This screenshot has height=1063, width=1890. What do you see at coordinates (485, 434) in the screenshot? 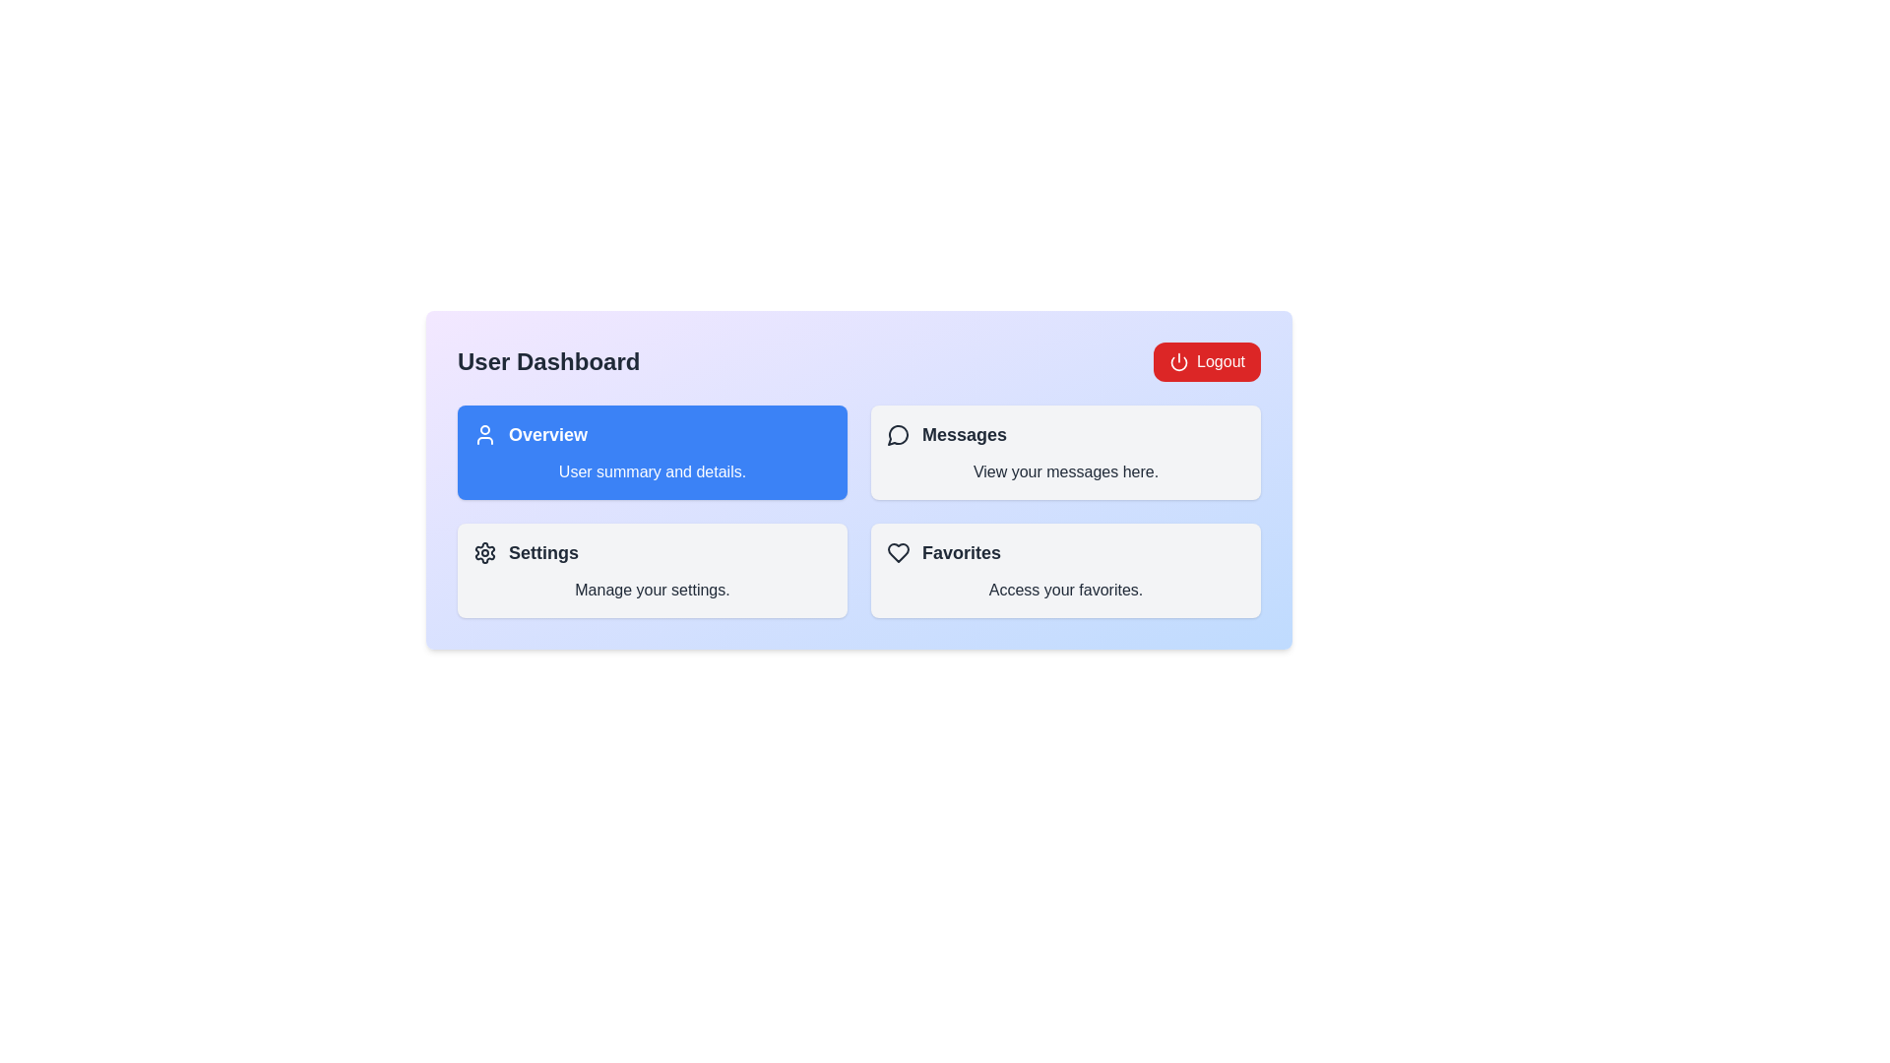
I see `the 'Overview' icon located at the top-left corner of the blue rectangular section preceding the 'Overview' text label` at bounding box center [485, 434].